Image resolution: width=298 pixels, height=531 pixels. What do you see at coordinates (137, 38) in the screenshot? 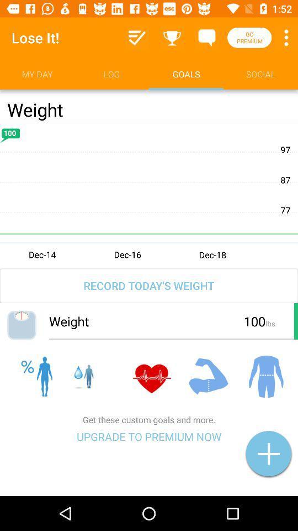
I see `app above the log item` at bounding box center [137, 38].